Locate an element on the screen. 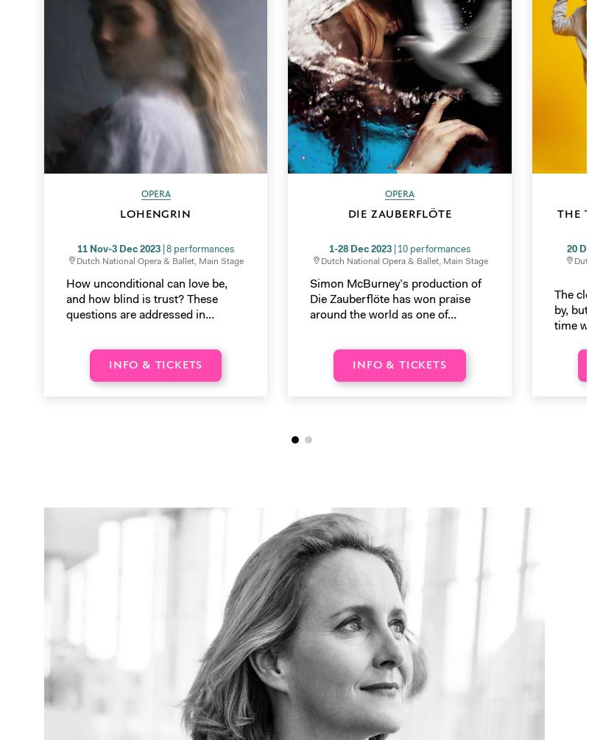  'Contact' is located at coordinates (325, 468).